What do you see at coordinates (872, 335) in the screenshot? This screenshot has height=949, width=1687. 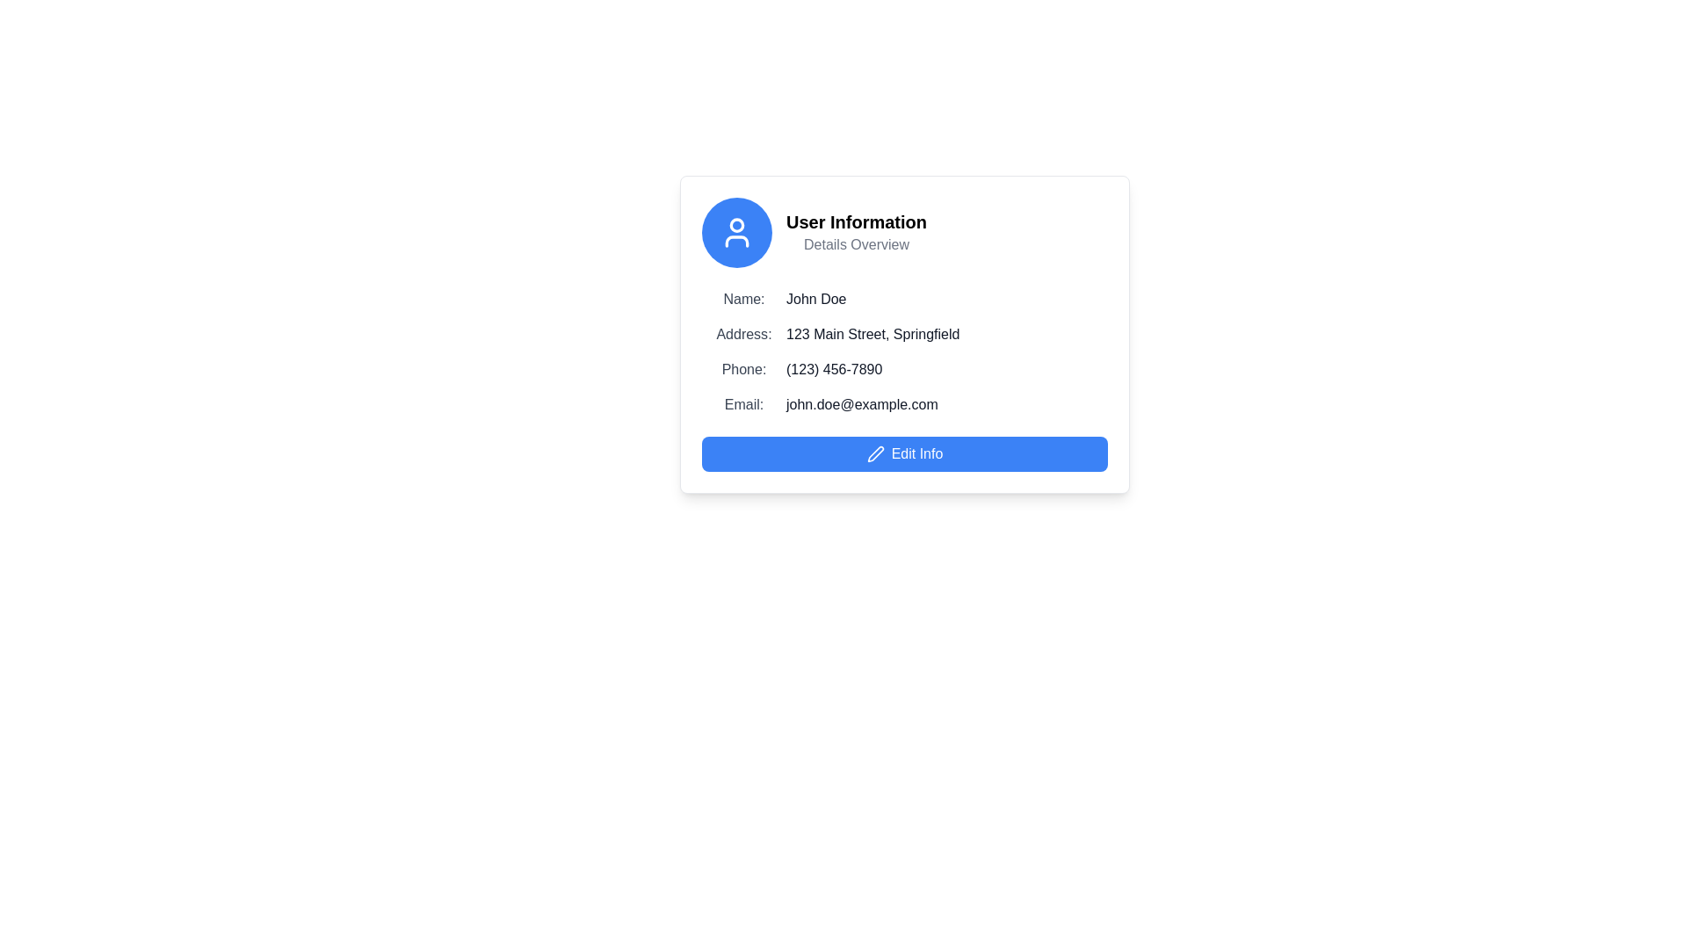 I see `the text label displaying the address '123 Main Street, Springfield', which is located in the 'User Information' section of the card, positioned to the right of the label 'Address:'` at bounding box center [872, 335].